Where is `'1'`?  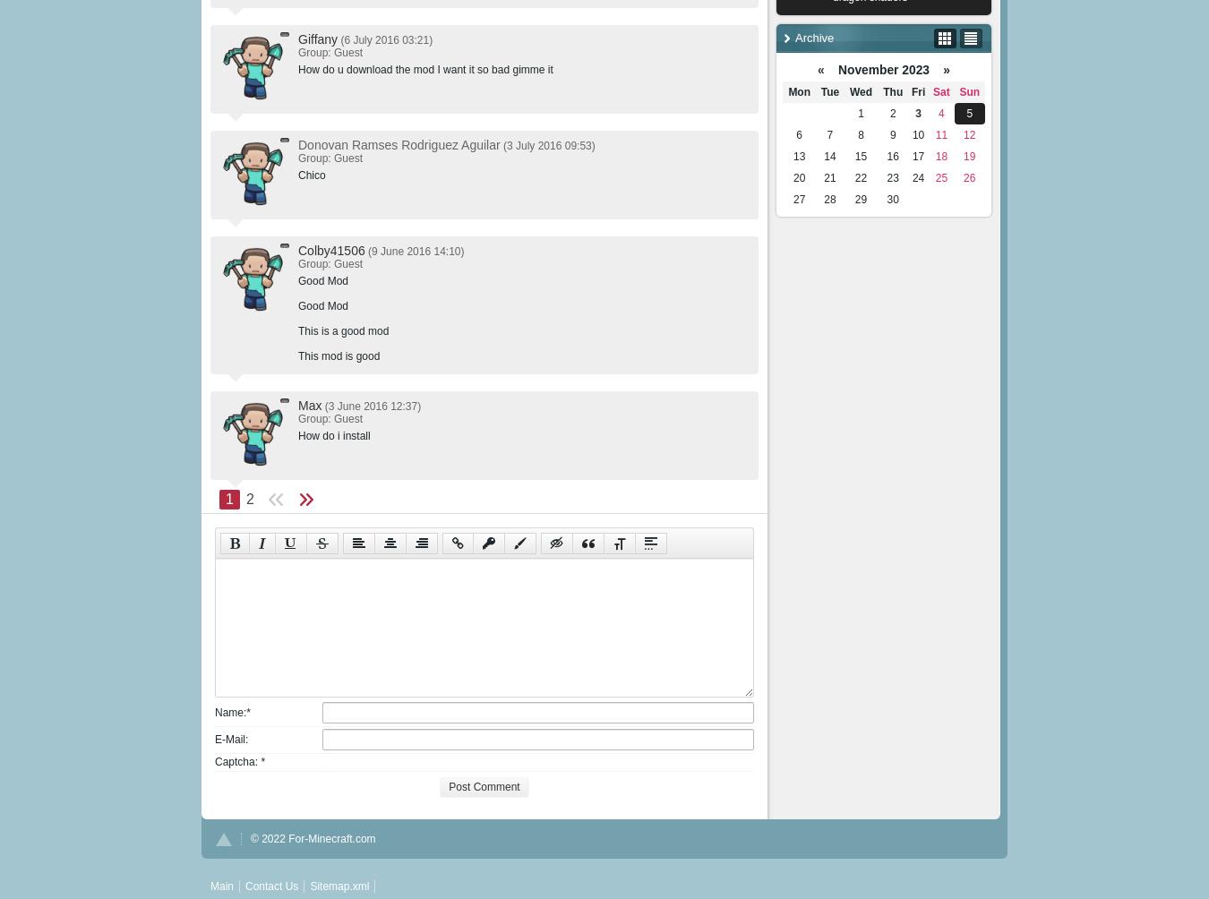 '1' is located at coordinates (860, 113).